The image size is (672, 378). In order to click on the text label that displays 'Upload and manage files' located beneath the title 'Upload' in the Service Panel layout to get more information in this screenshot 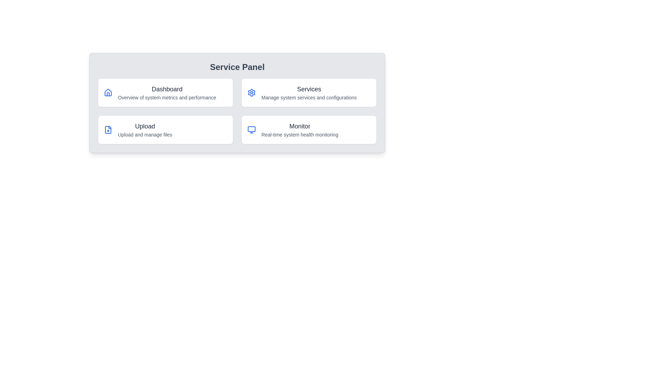, I will do `click(145, 135)`.